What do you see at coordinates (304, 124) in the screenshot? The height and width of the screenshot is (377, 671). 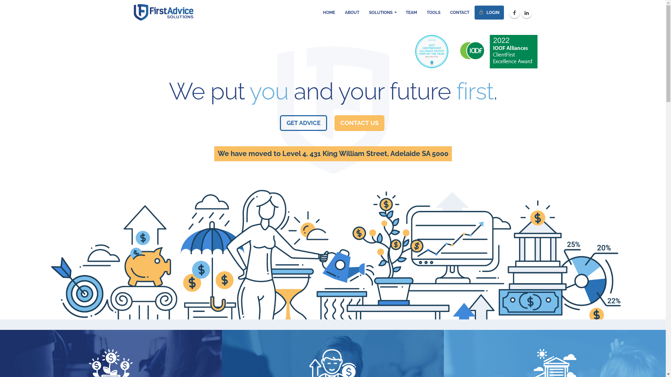 I see `'GET ADVICE'` at bounding box center [304, 124].